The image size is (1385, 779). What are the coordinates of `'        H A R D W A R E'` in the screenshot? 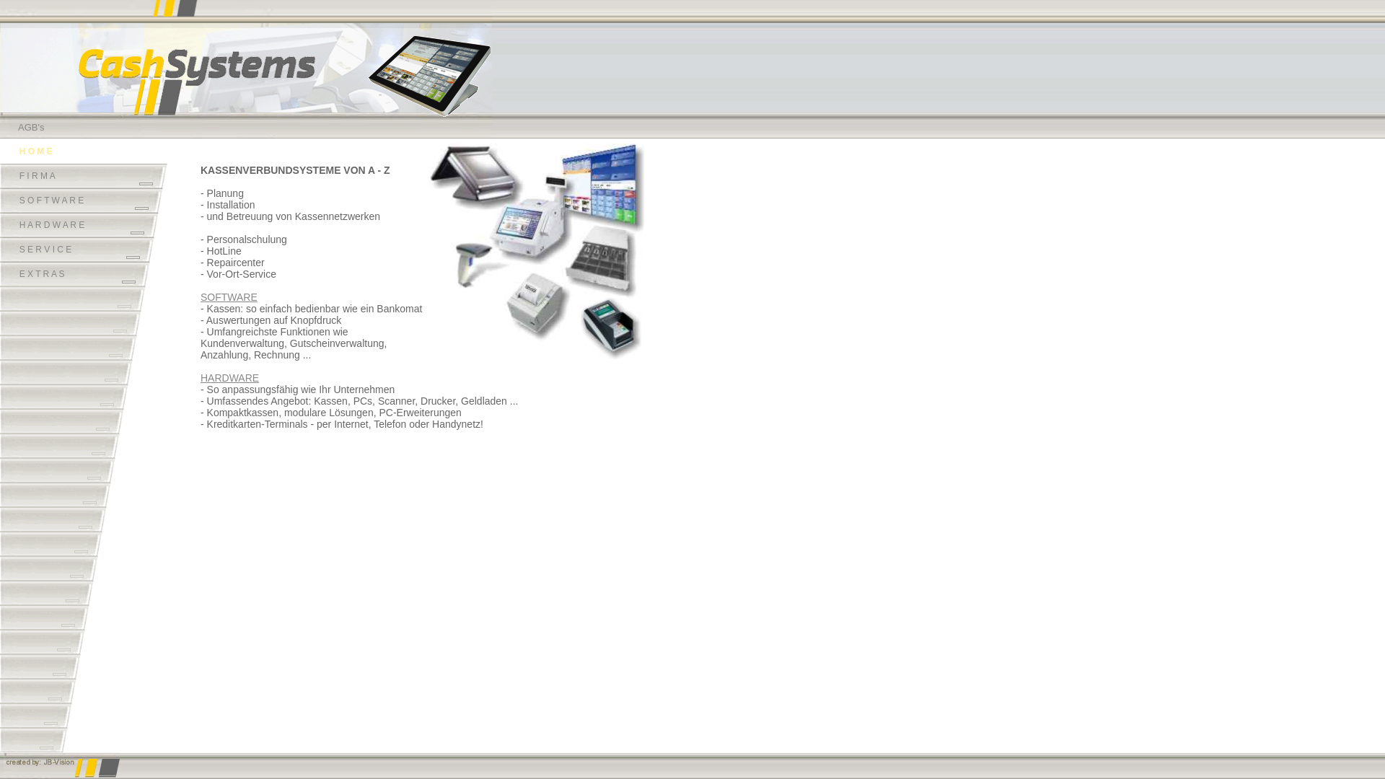 It's located at (79, 225).